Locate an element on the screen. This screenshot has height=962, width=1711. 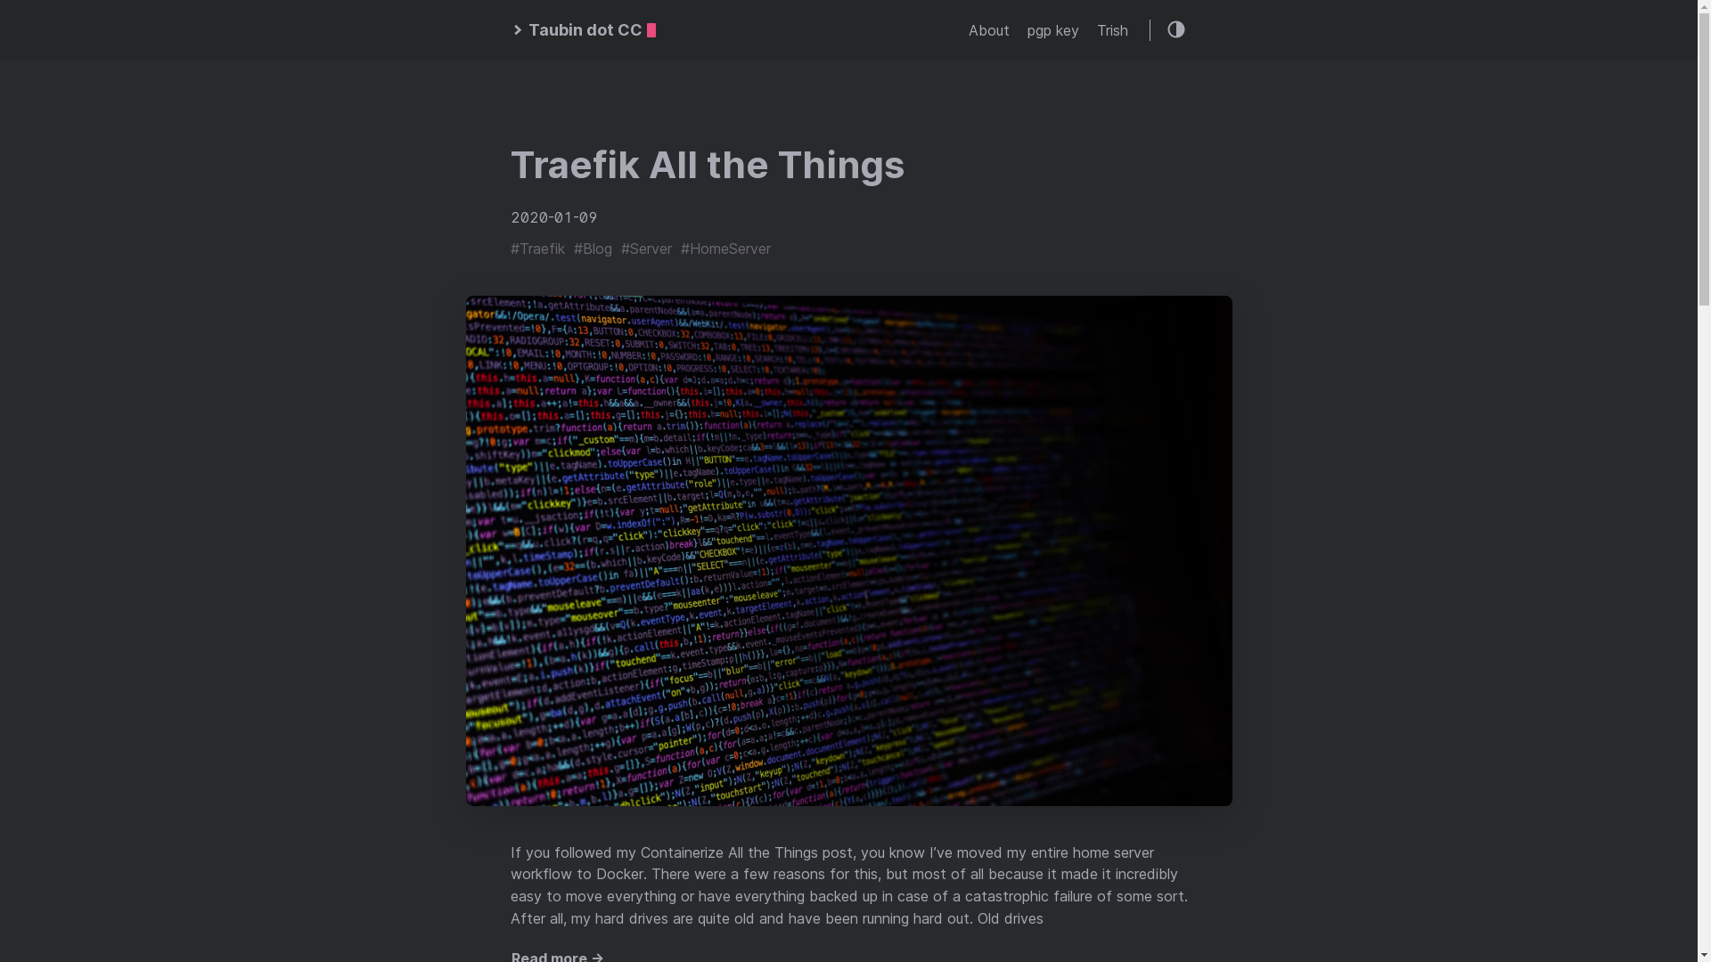
'#Server' is located at coordinates (644, 248).